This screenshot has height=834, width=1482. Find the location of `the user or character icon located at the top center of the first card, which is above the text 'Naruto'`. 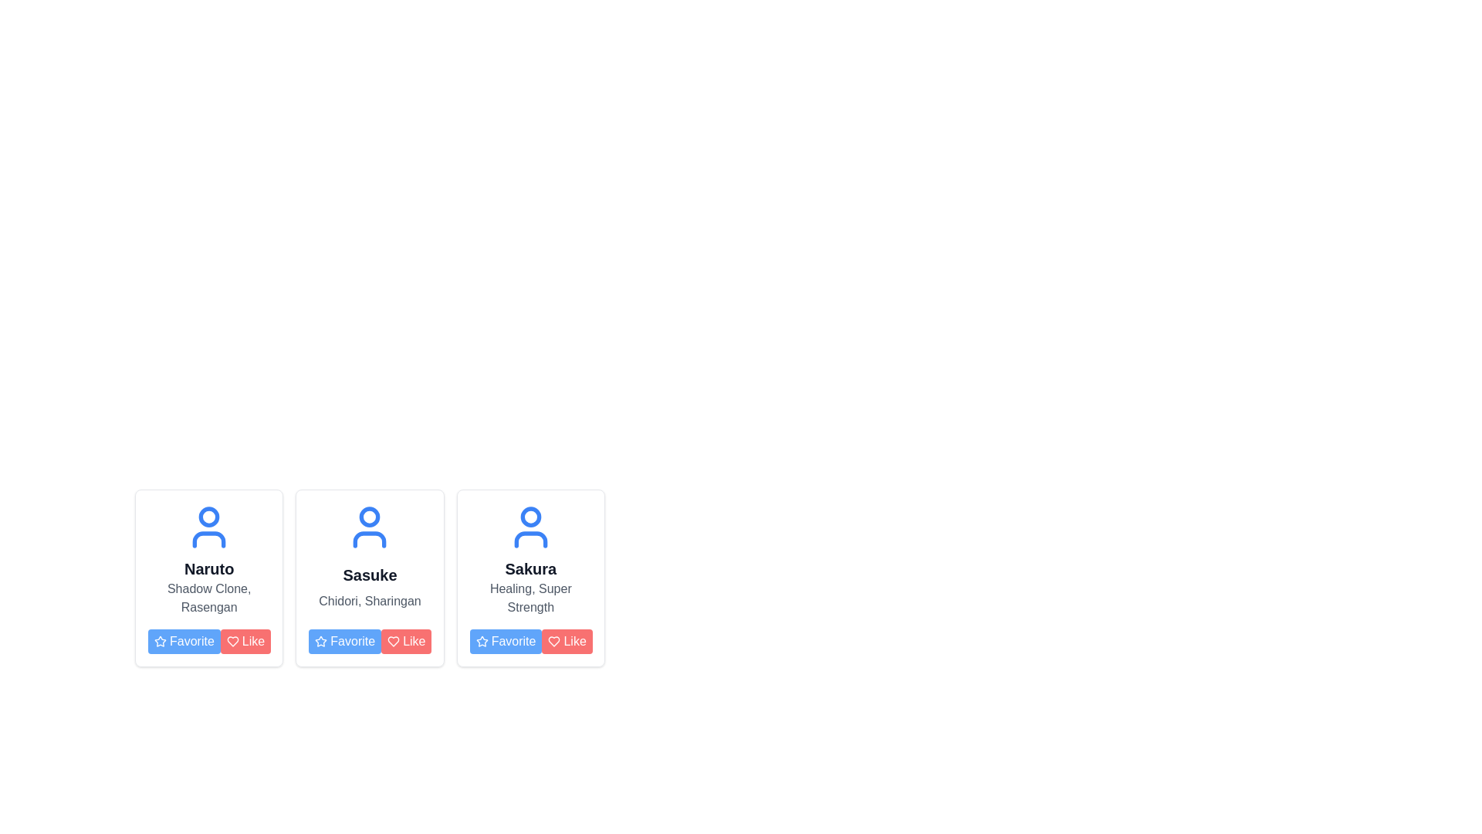

the user or character icon located at the top center of the first card, which is above the text 'Naruto' is located at coordinates (208, 526).